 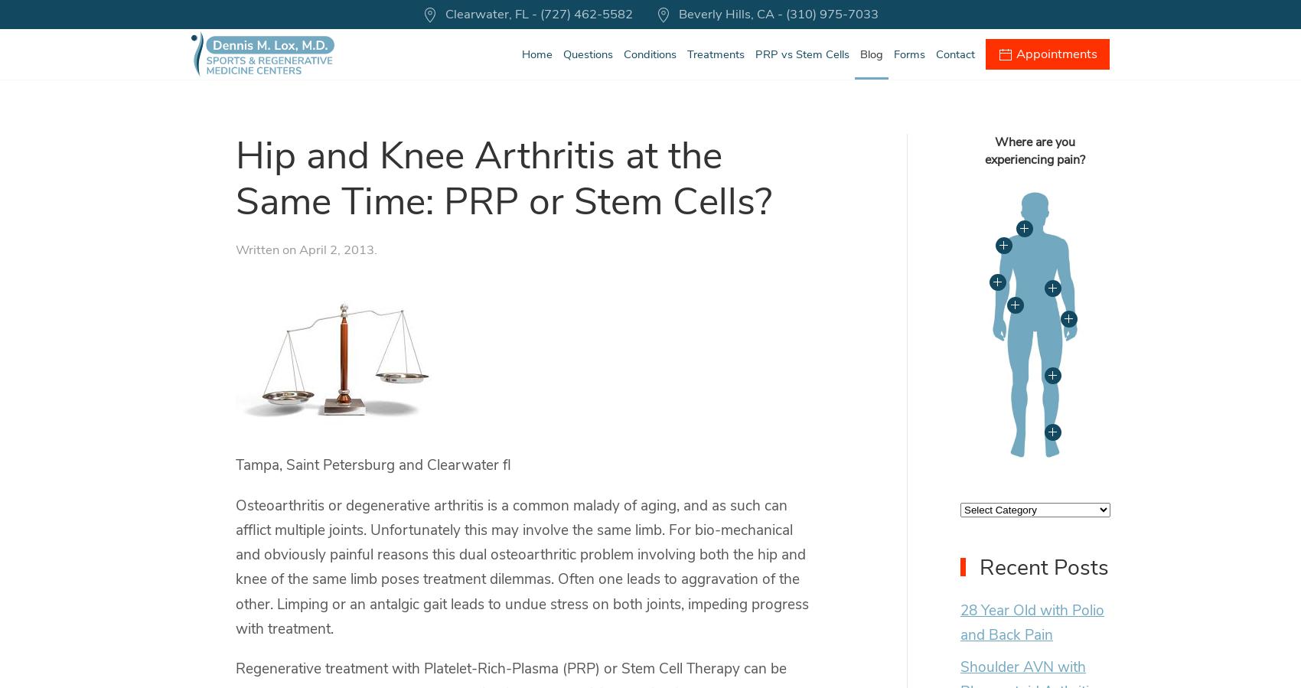 I want to click on 'Tampa, Saint Petersburg and Clearwater fl', so click(x=373, y=464).